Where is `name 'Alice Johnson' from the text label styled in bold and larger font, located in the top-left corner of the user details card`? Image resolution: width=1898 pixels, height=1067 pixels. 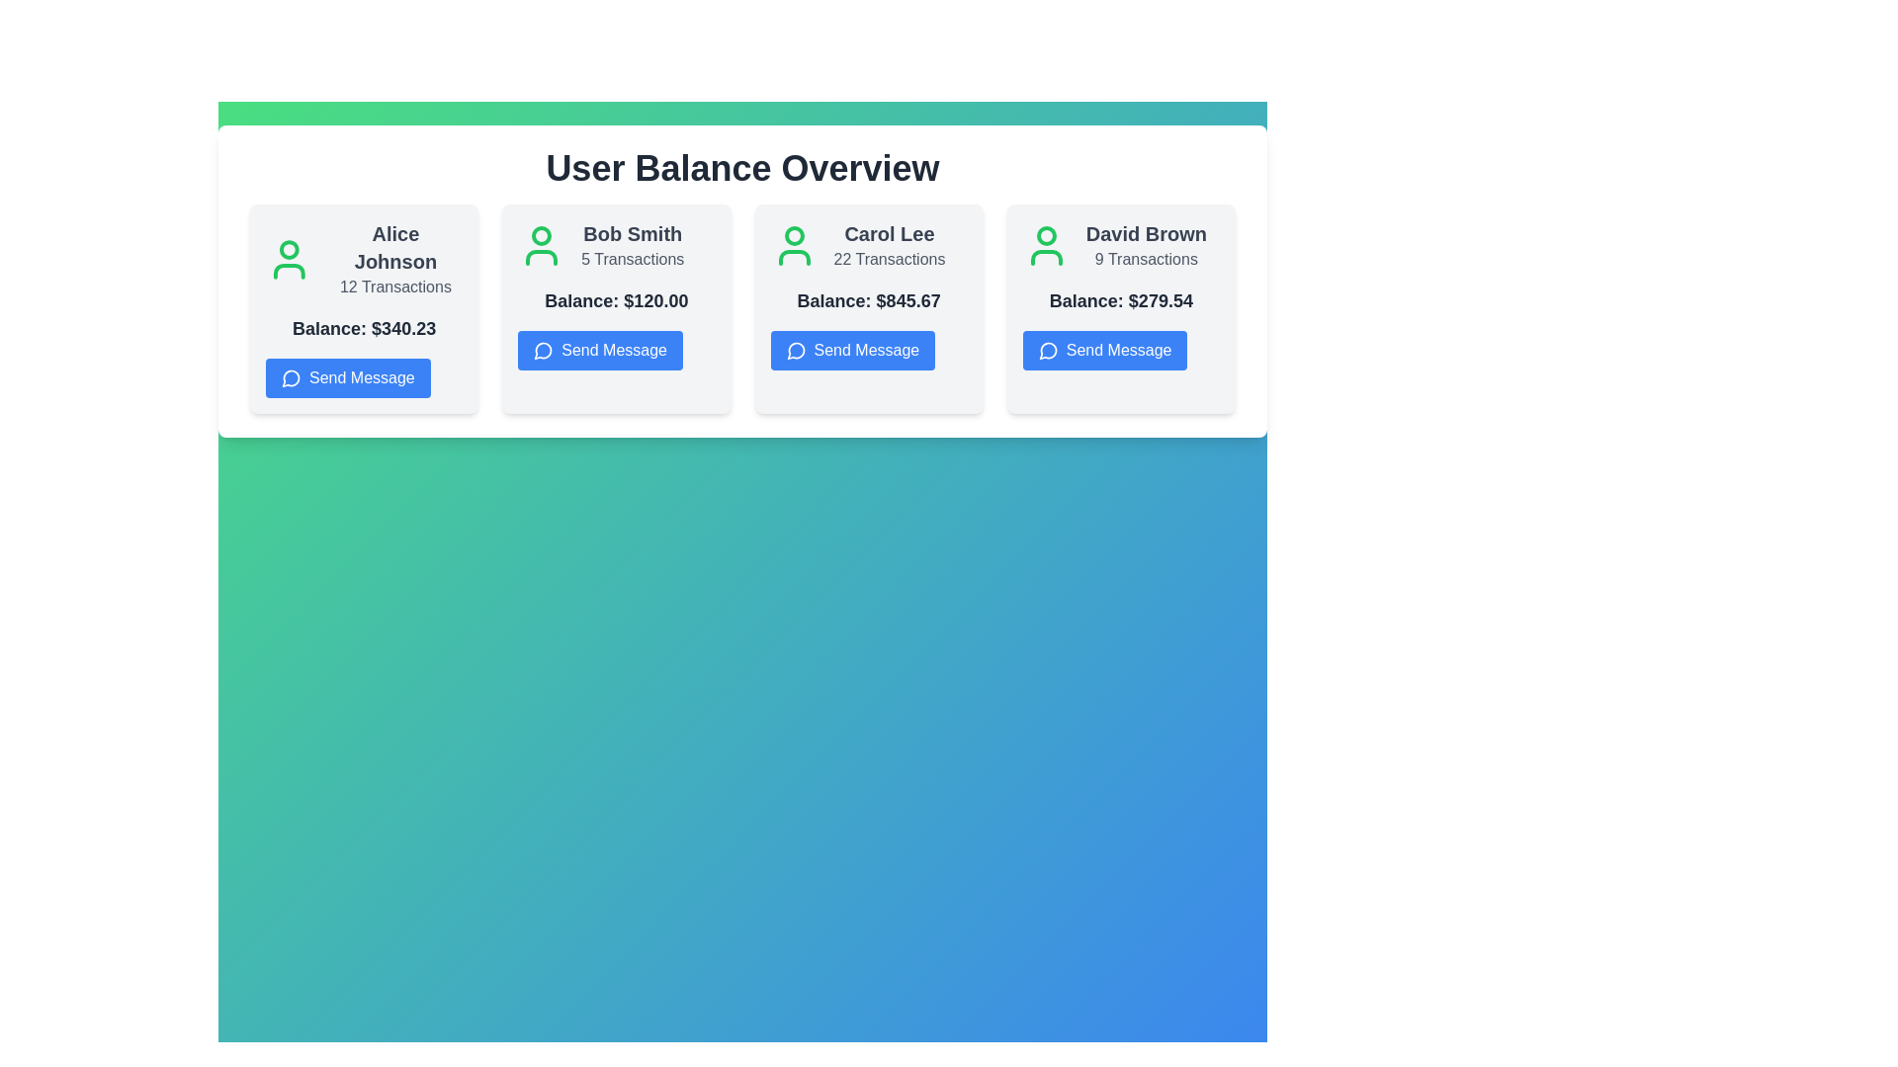
name 'Alice Johnson' from the text label styled in bold and larger font, located in the top-left corner of the user details card is located at coordinates (395, 246).